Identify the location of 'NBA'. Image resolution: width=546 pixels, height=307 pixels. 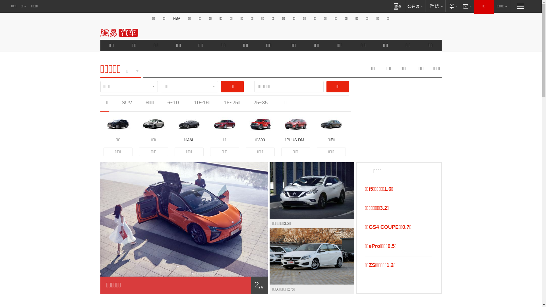
(176, 18).